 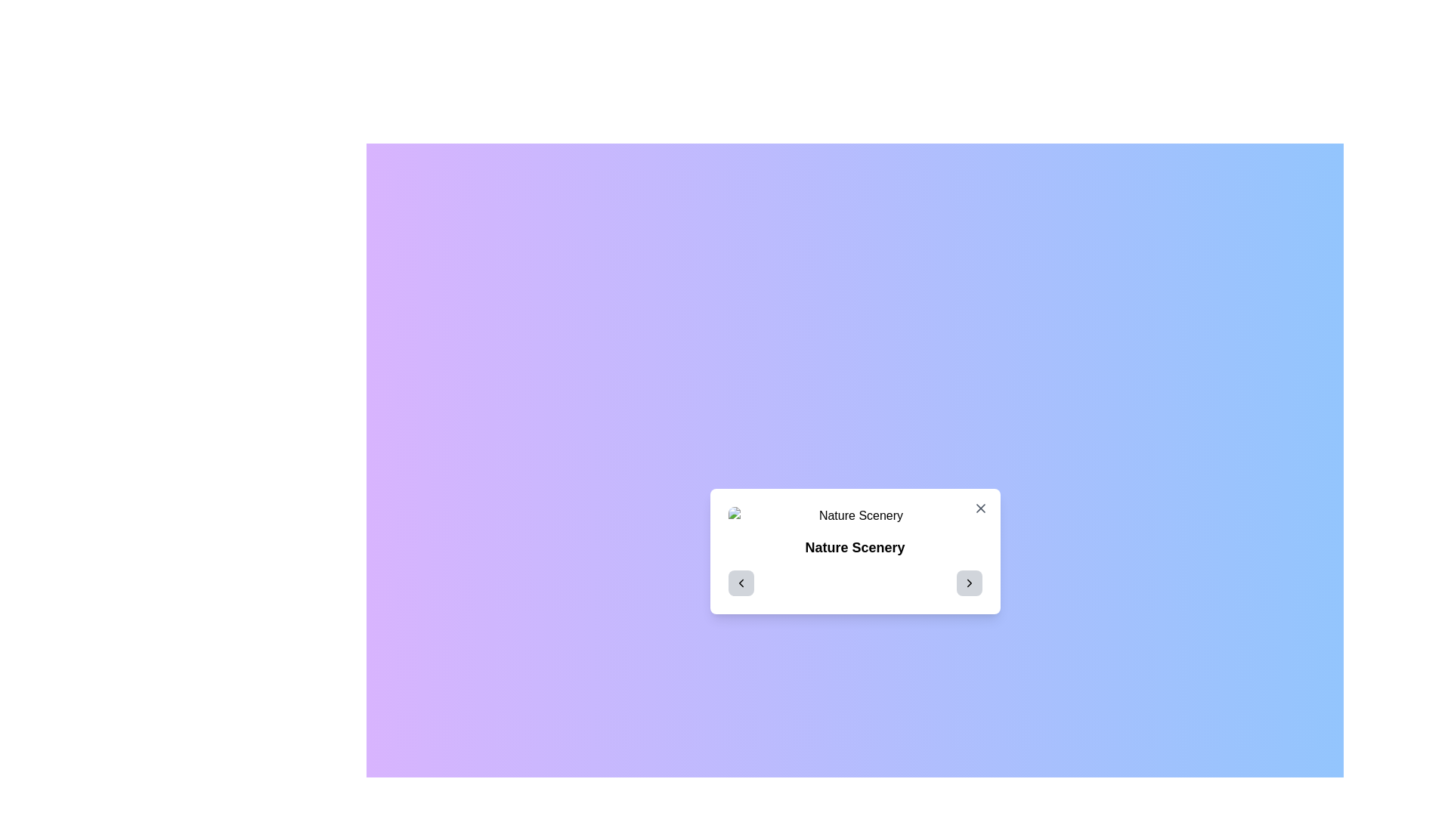 What do you see at coordinates (741, 582) in the screenshot?
I see `the left navigation button for scrolling to the previous item in the sequence` at bounding box center [741, 582].